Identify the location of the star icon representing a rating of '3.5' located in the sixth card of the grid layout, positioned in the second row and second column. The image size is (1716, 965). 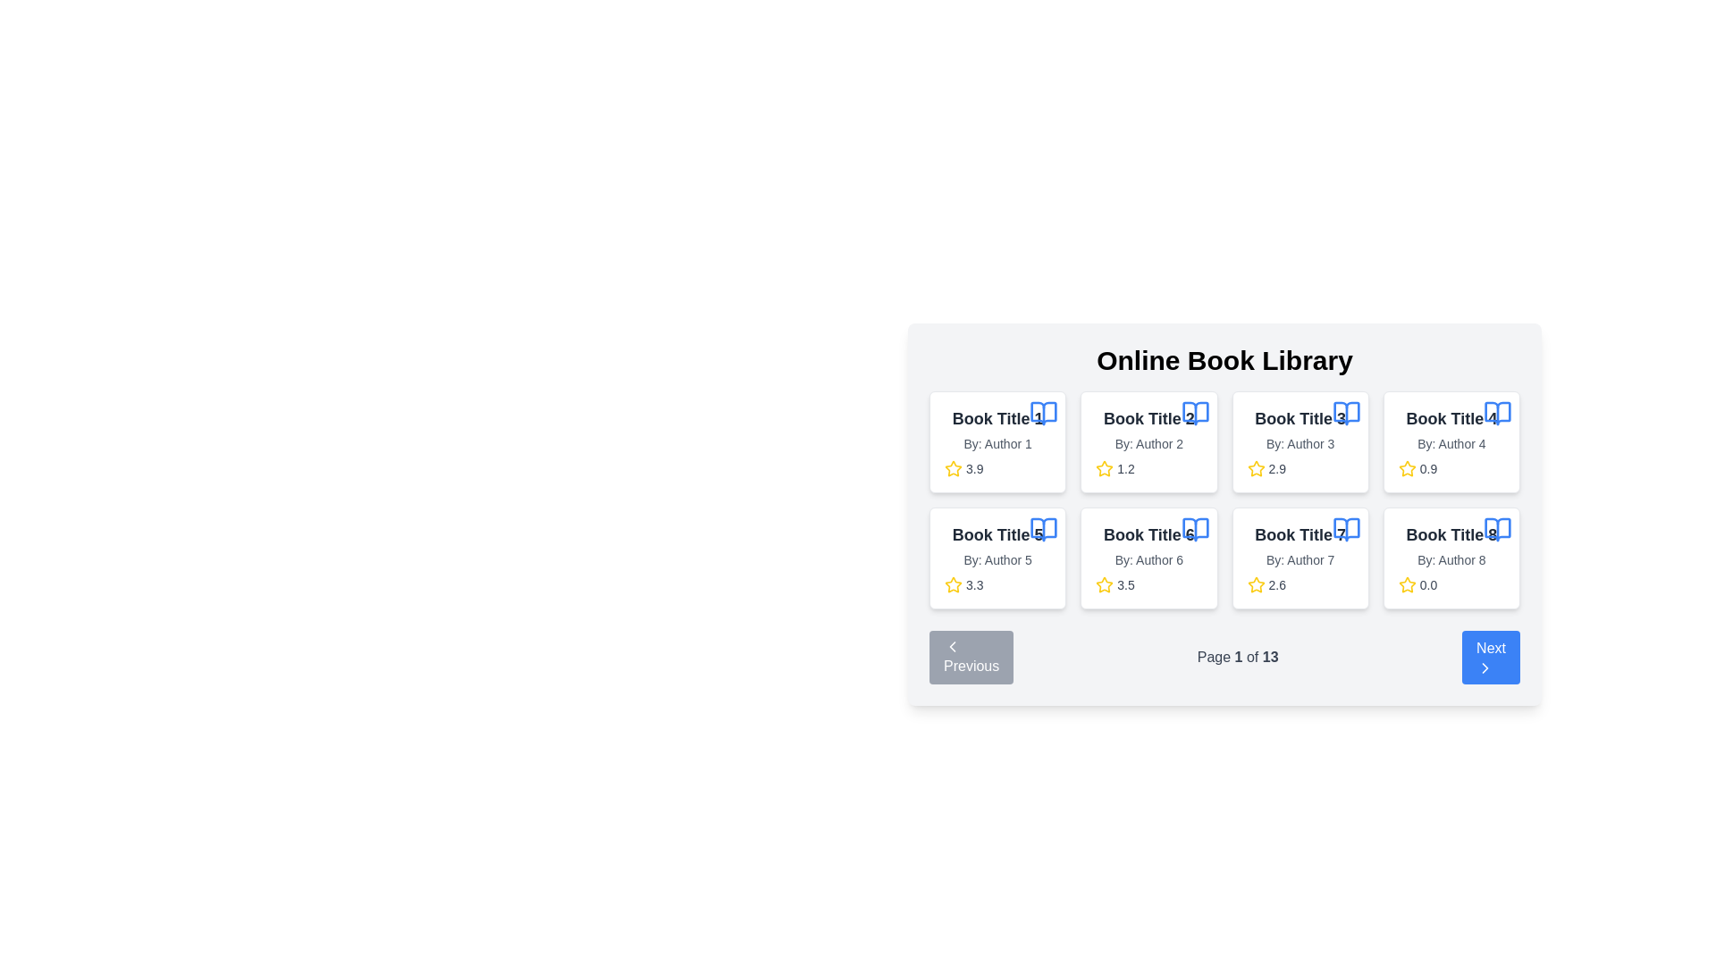
(1104, 585).